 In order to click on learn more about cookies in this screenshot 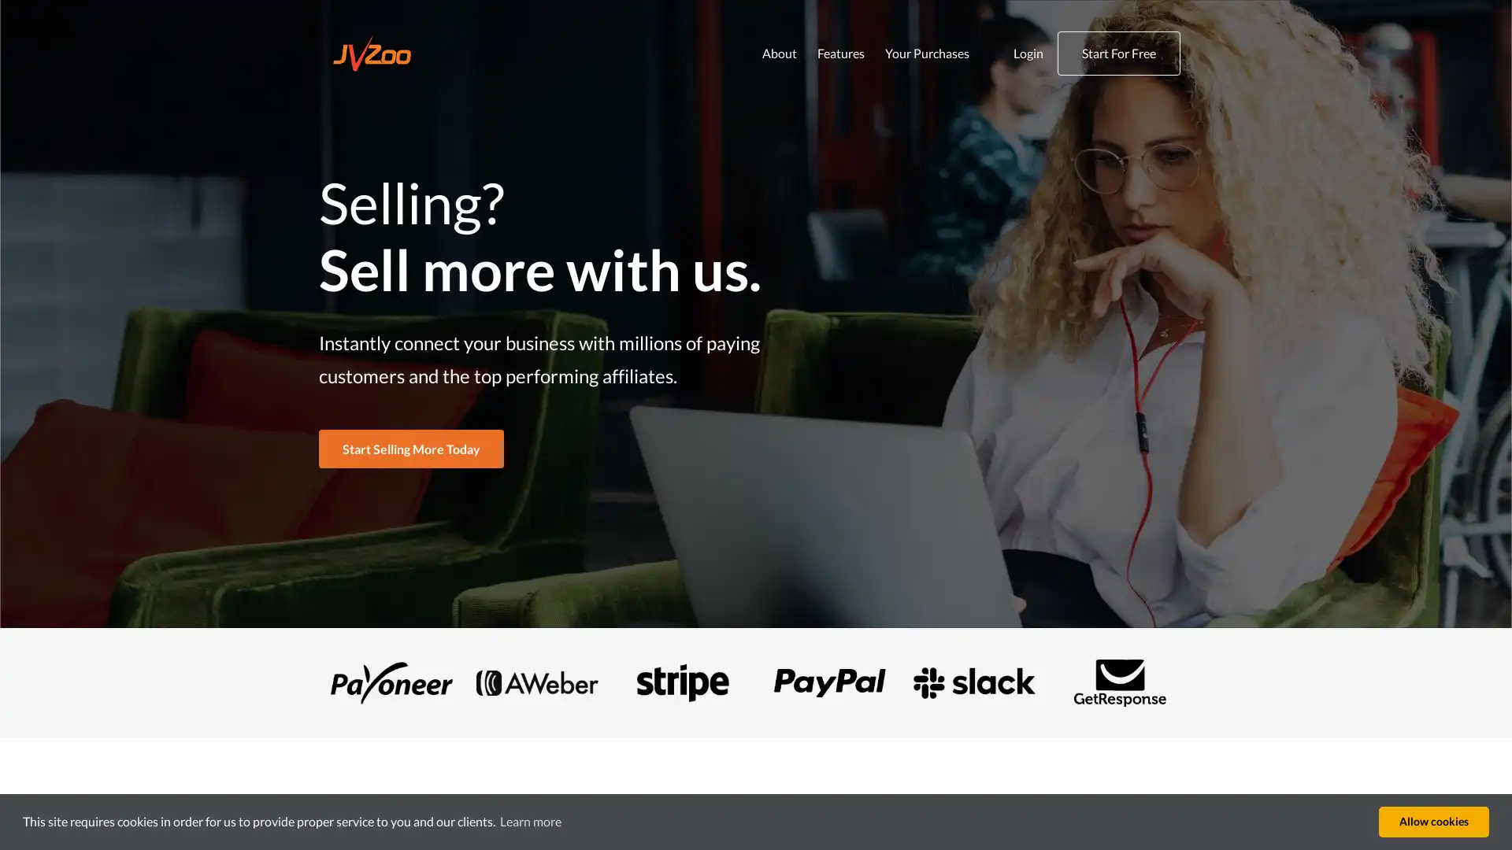, I will do `click(530, 821)`.